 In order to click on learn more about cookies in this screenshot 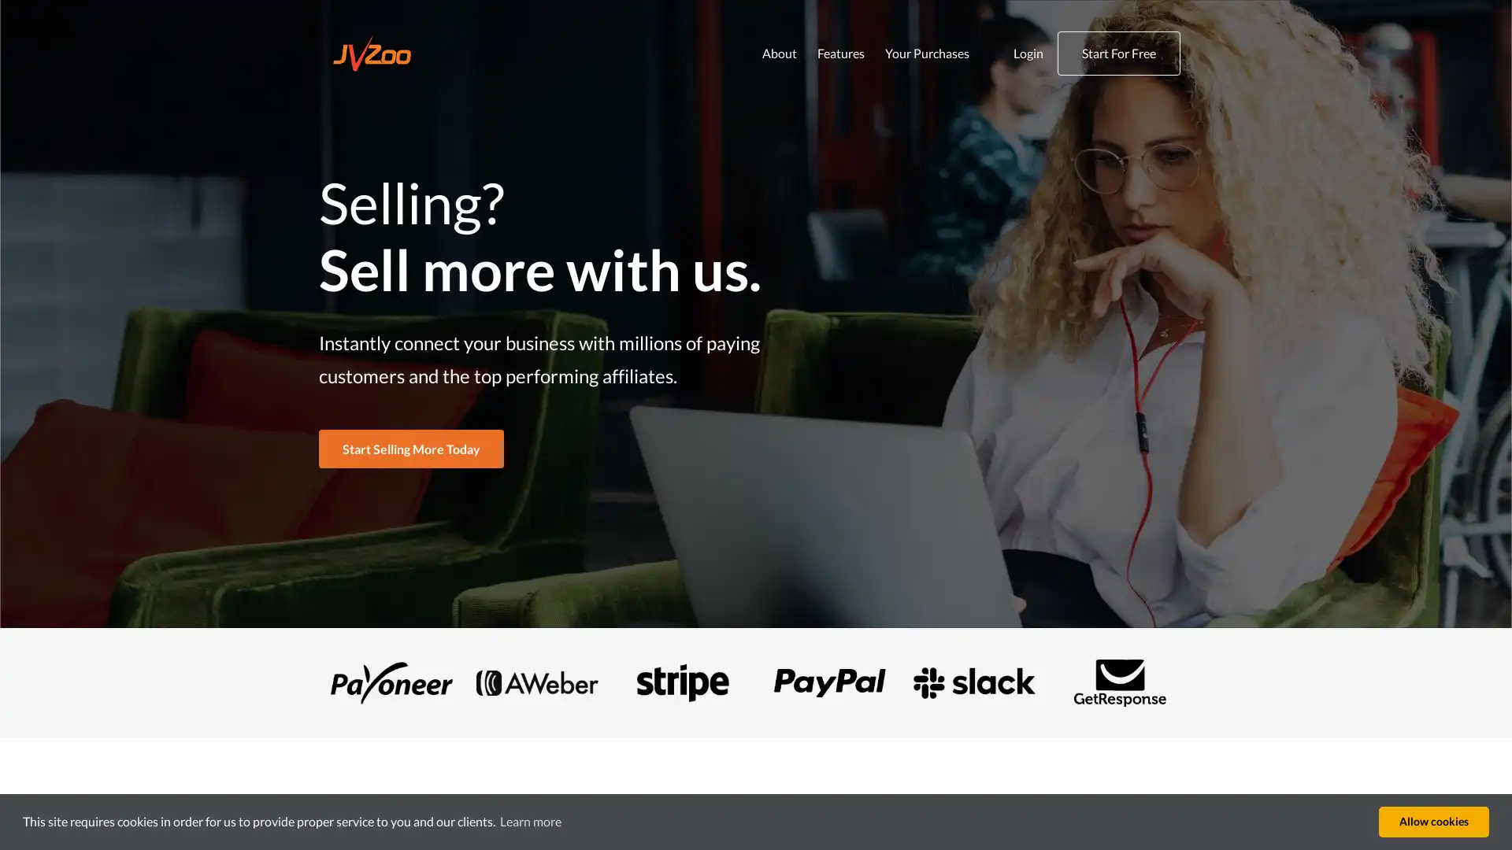, I will do `click(530, 821)`.